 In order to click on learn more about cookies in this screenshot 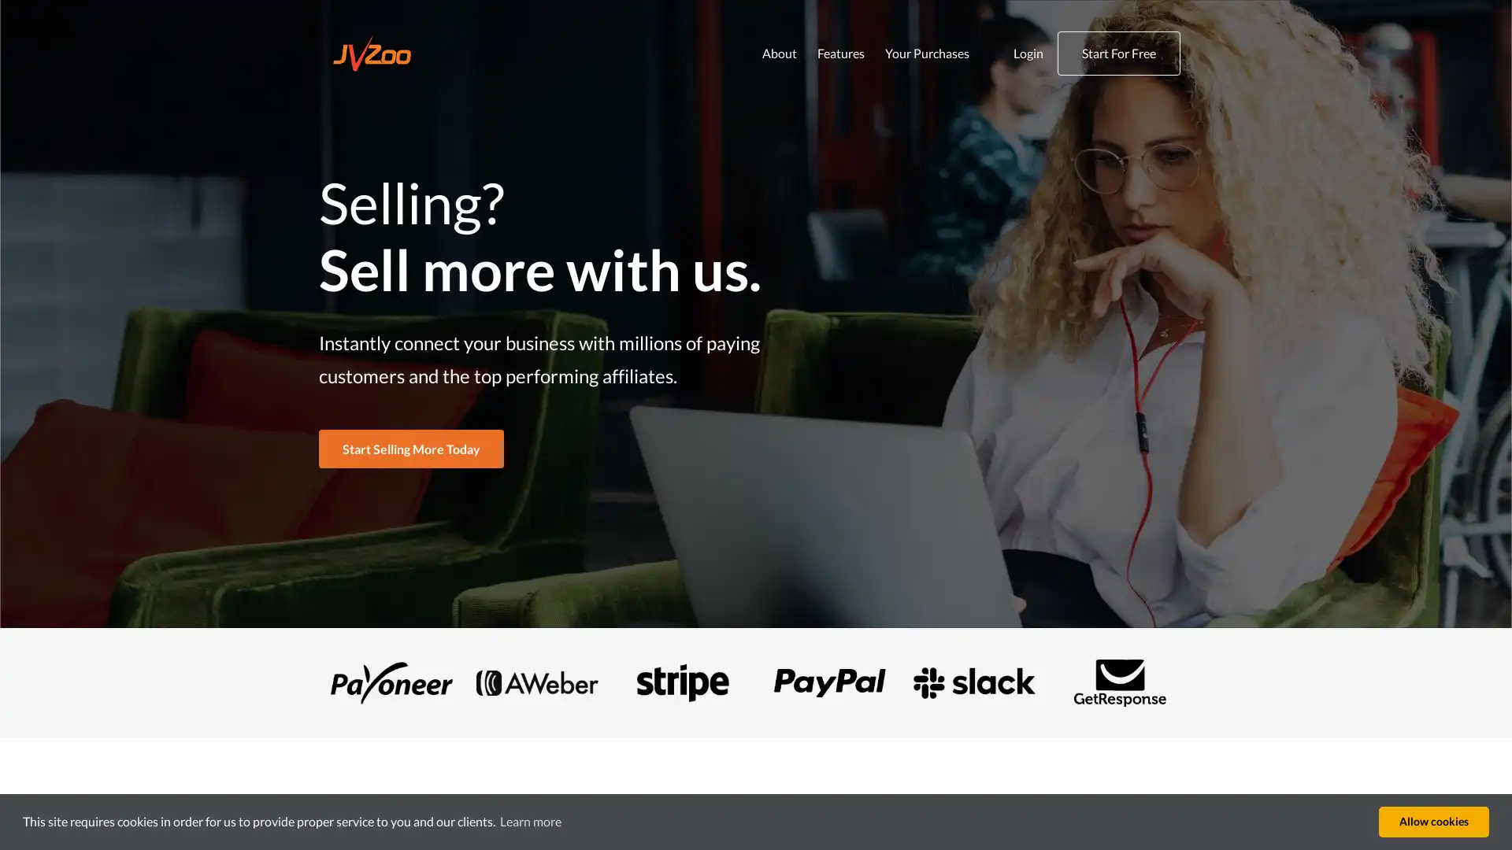, I will do `click(530, 821)`.